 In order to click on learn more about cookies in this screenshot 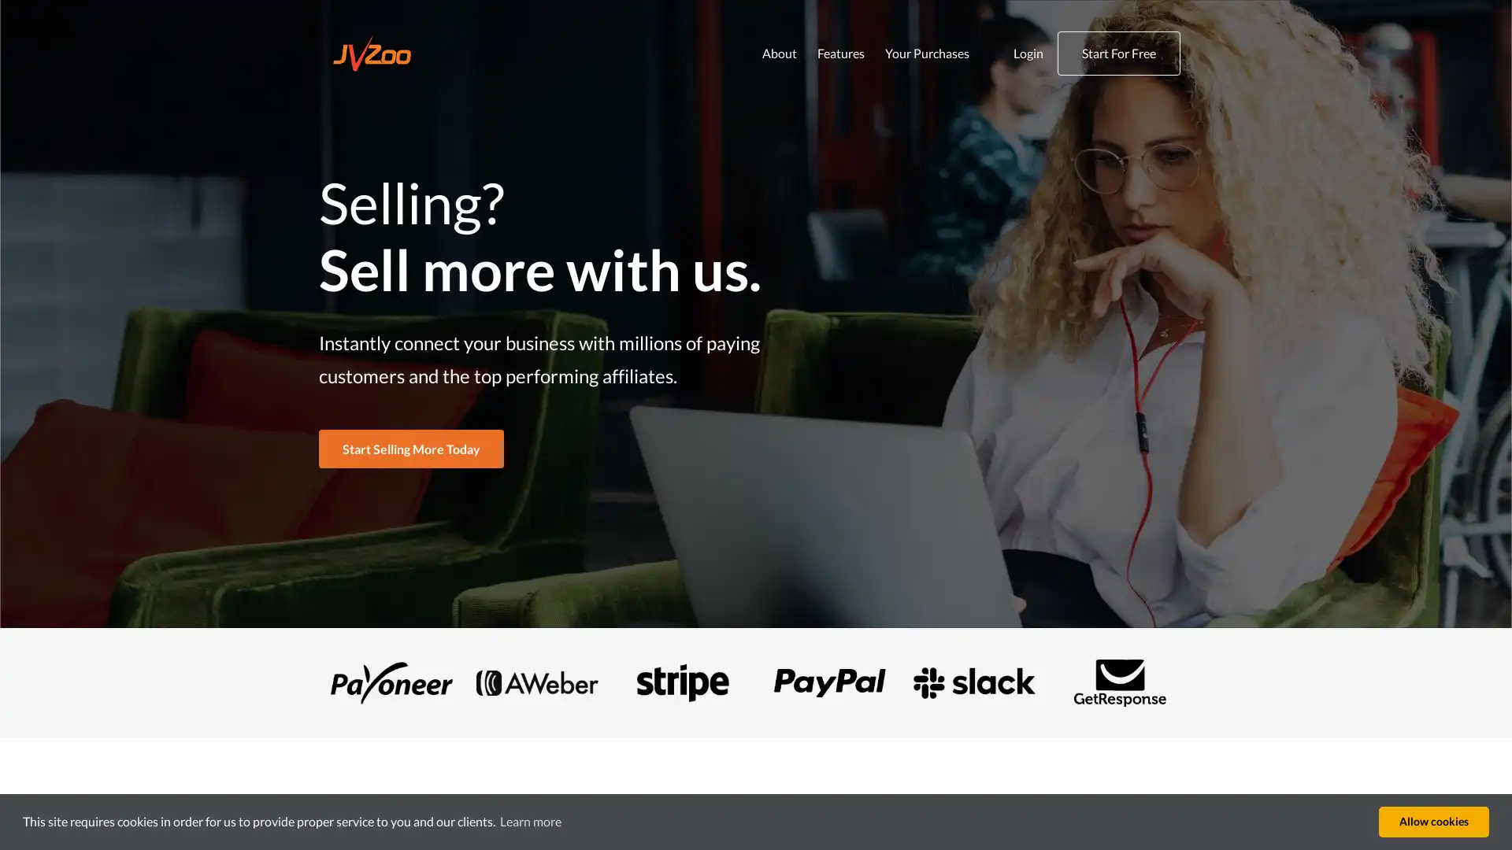, I will do `click(530, 821)`.